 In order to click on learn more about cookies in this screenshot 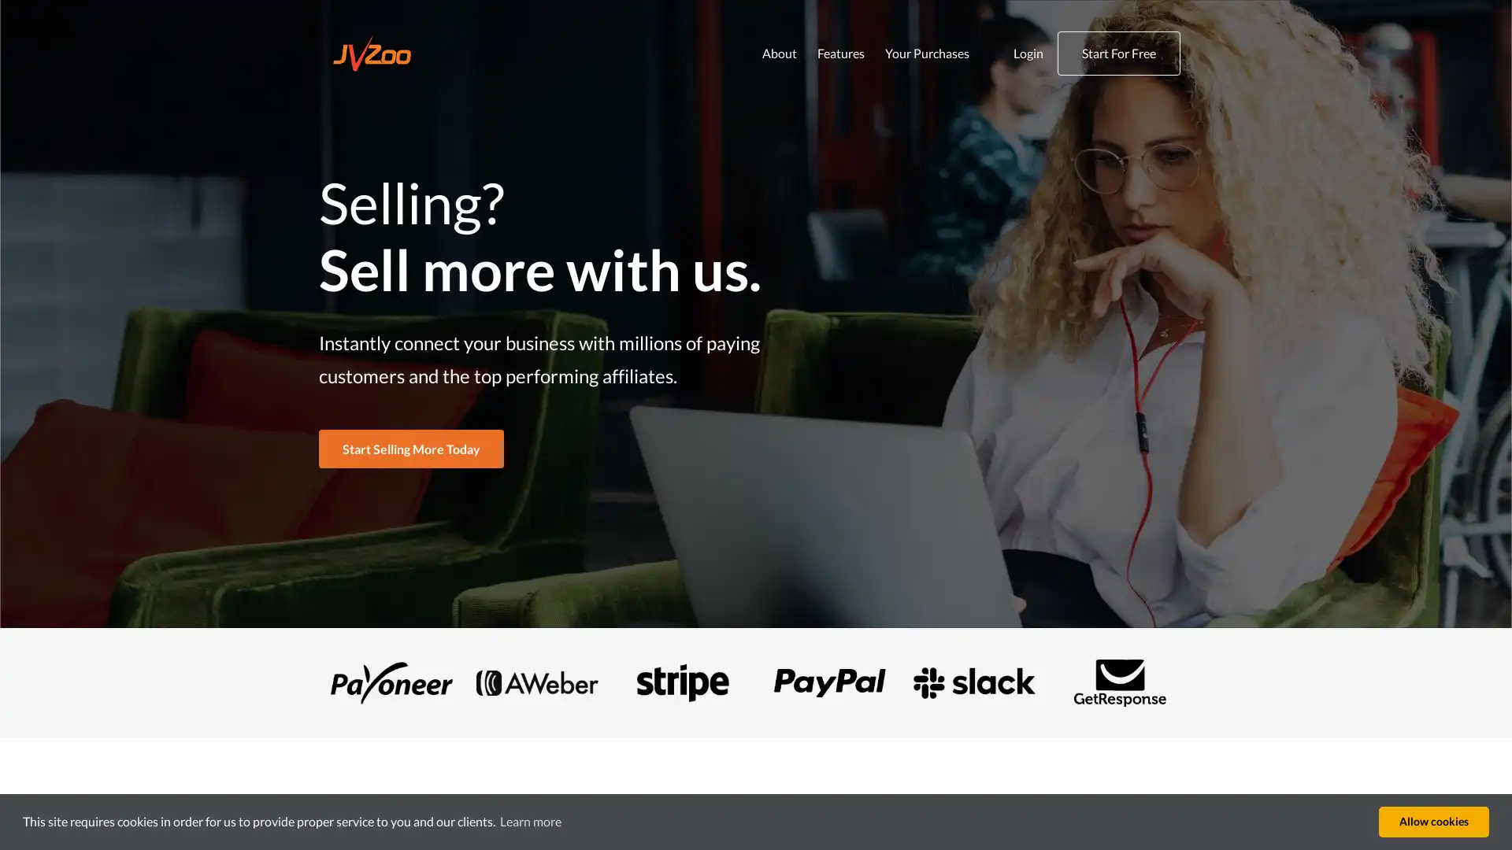, I will do `click(530, 821)`.